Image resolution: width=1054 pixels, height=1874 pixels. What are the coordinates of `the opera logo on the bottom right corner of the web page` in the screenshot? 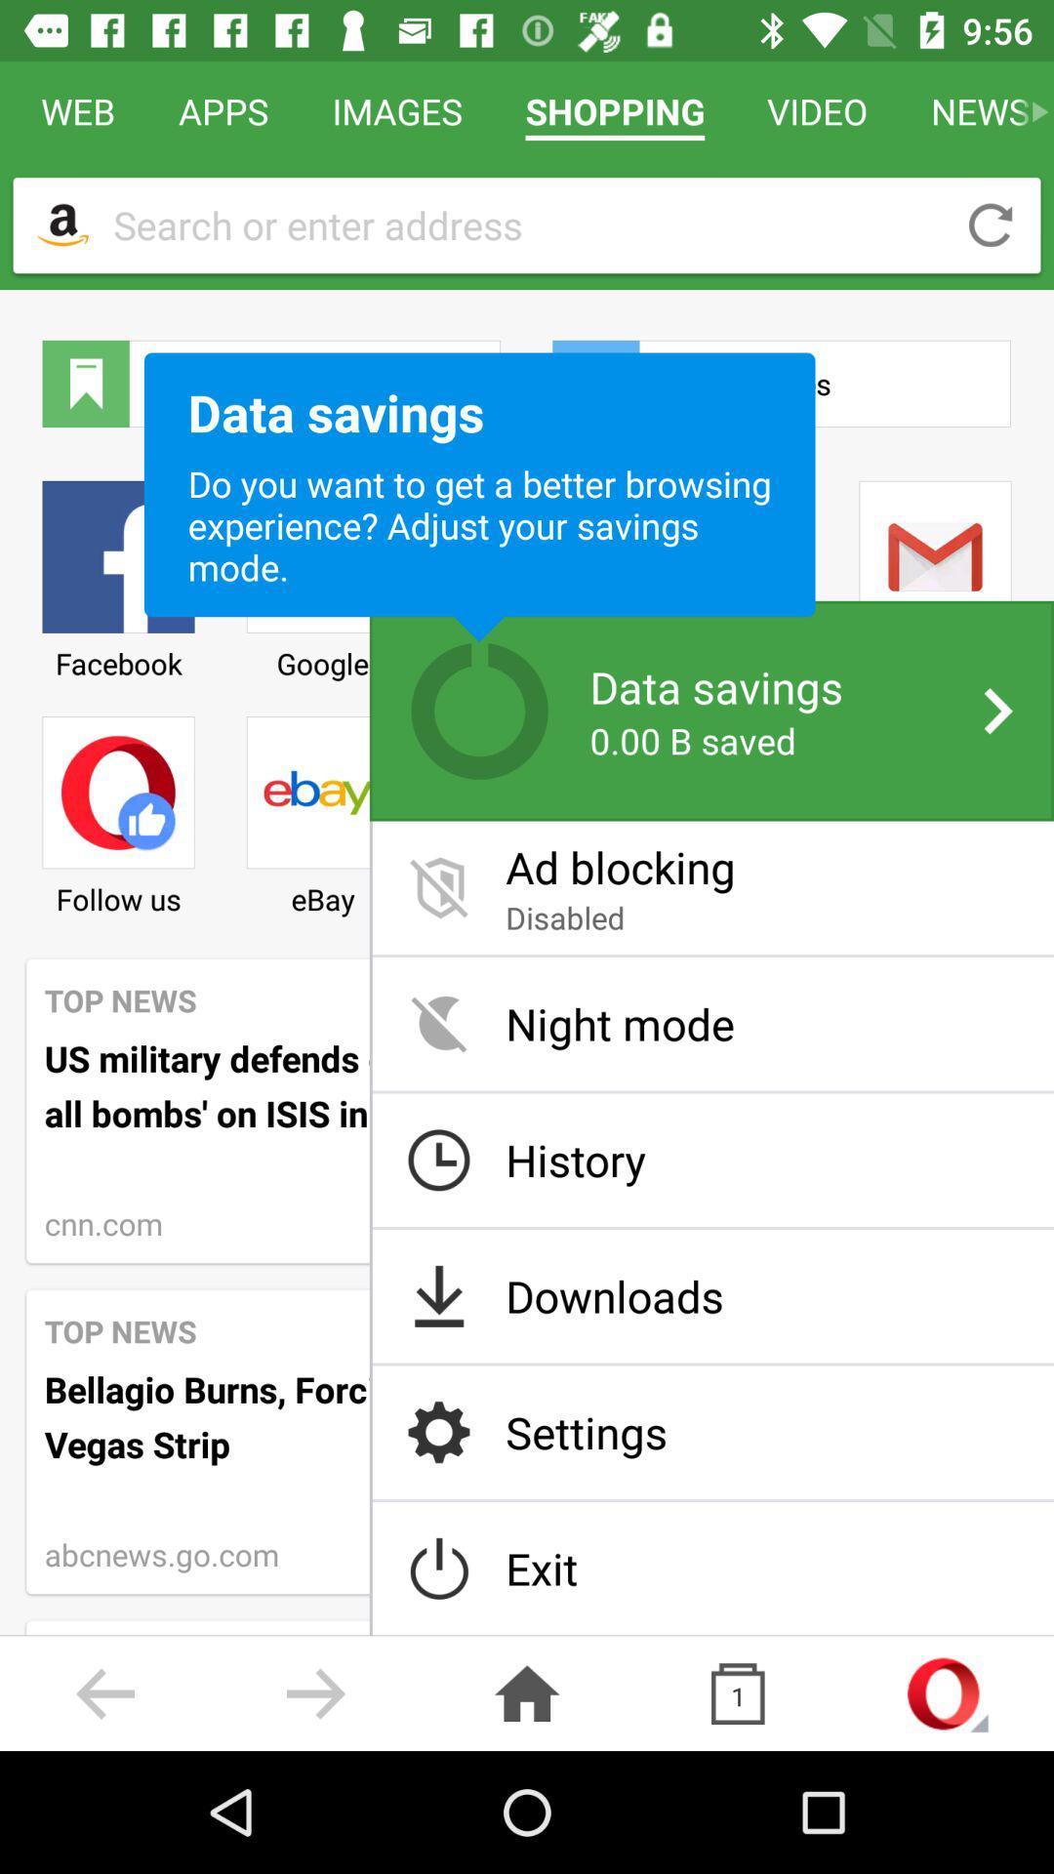 It's located at (948, 1691).